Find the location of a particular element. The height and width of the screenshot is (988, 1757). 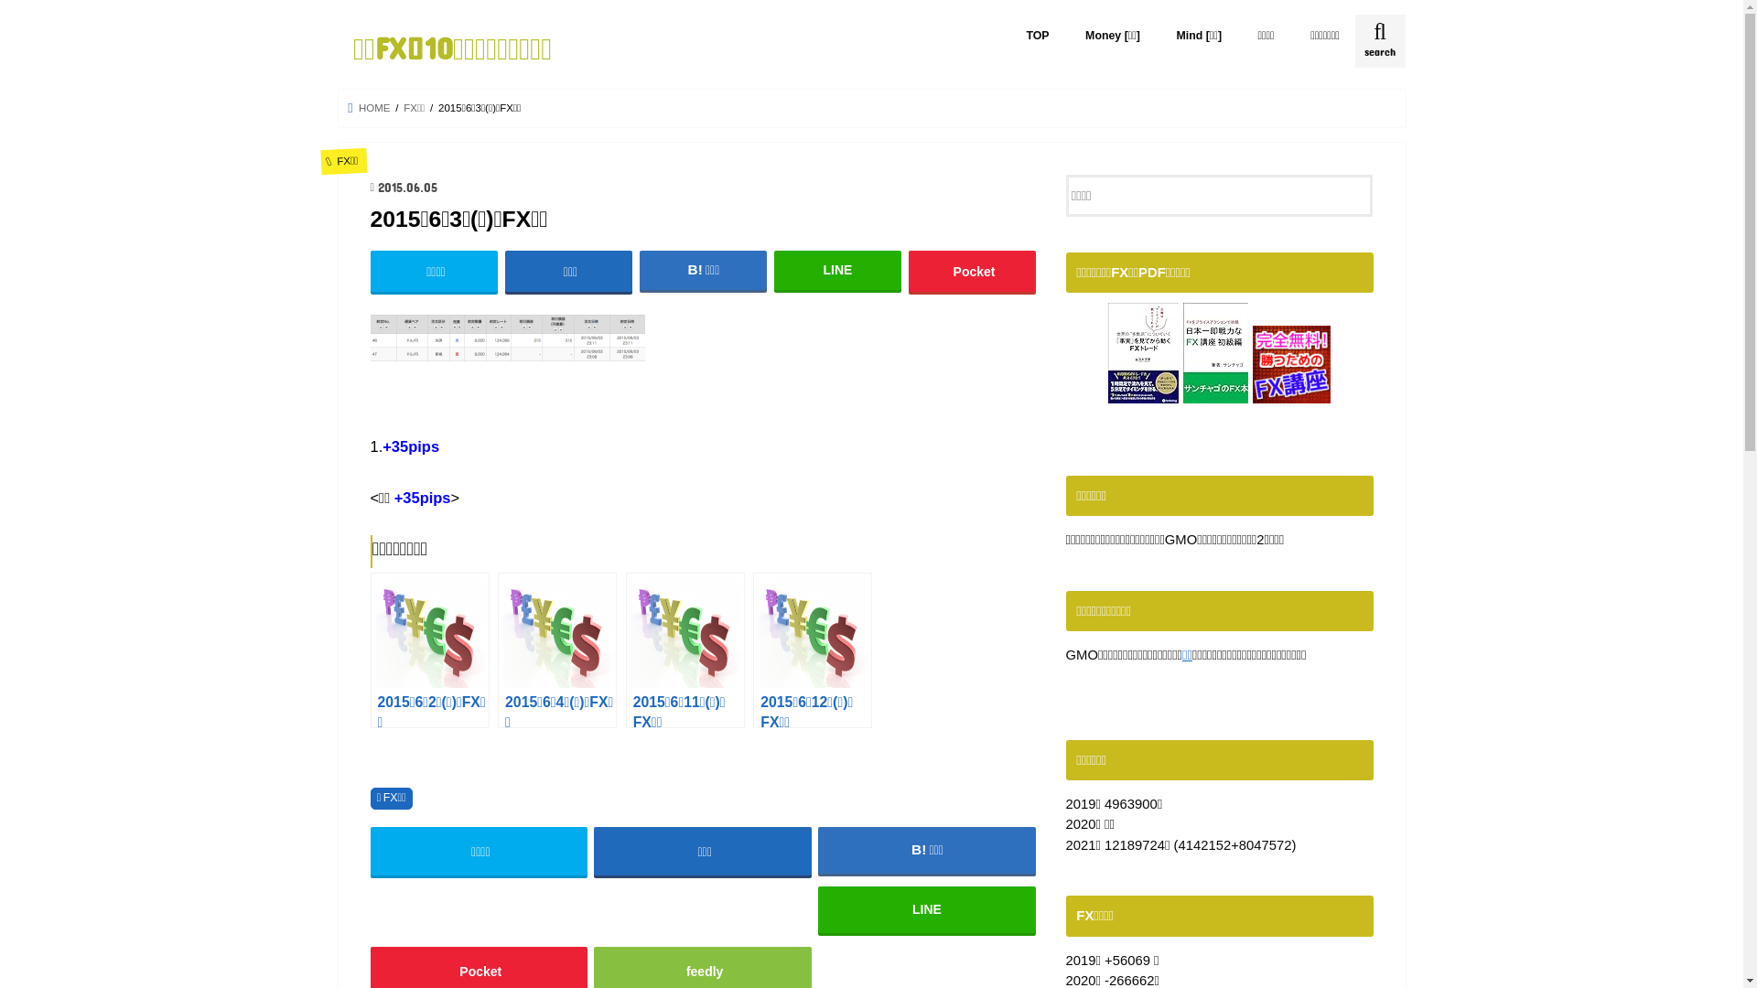

'search' is located at coordinates (1379, 41).